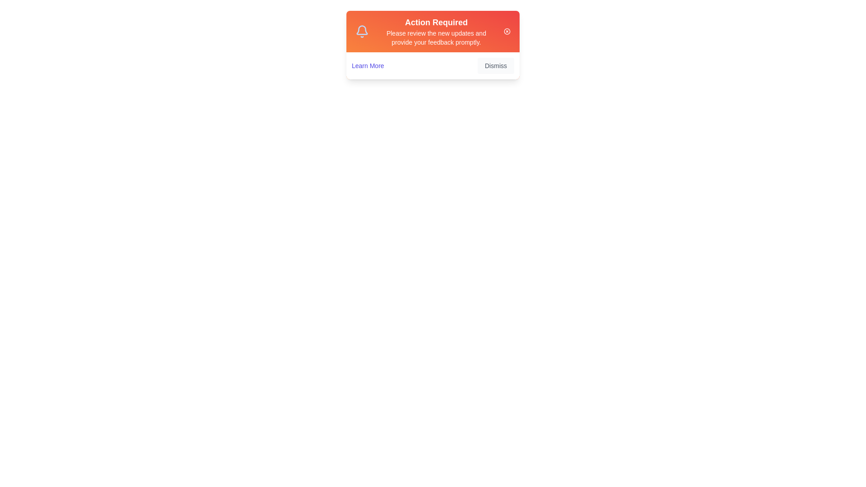 The height and width of the screenshot is (487, 866). I want to click on the bell icon decoration, so click(362, 31).